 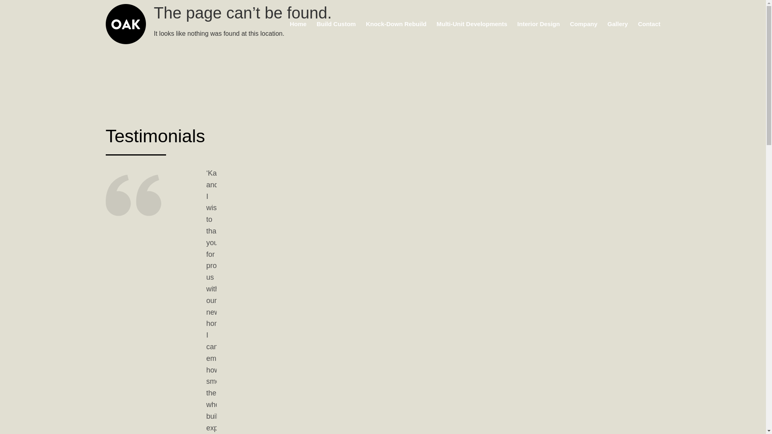 What do you see at coordinates (649, 24) in the screenshot?
I see `'Contact'` at bounding box center [649, 24].